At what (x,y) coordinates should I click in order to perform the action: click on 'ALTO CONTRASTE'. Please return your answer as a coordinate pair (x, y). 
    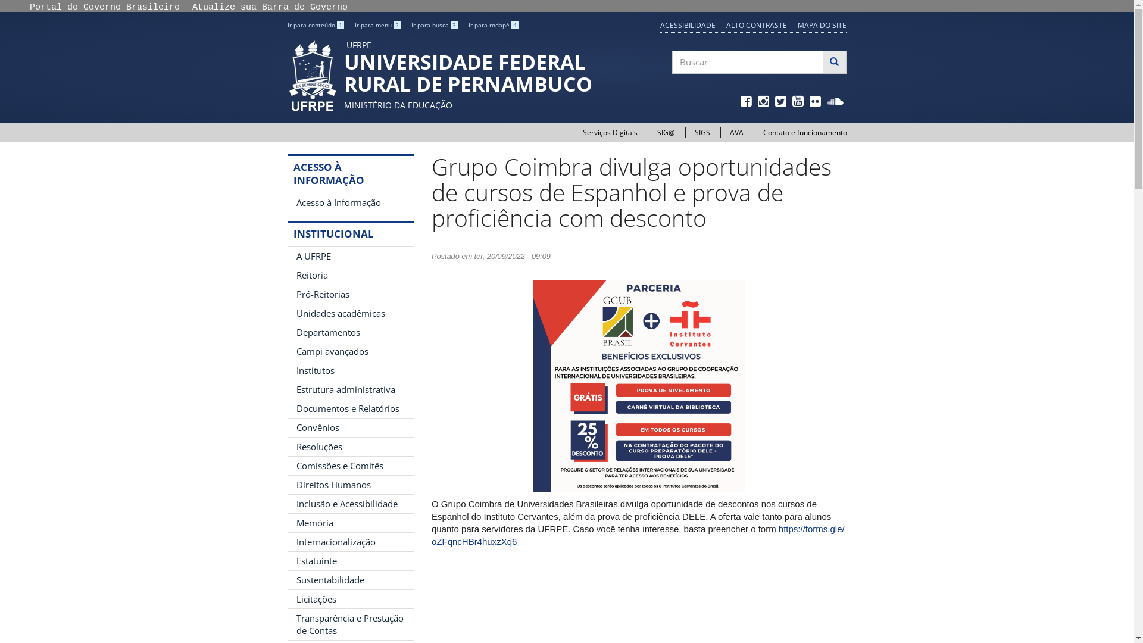
    Looking at the image, I should click on (756, 25).